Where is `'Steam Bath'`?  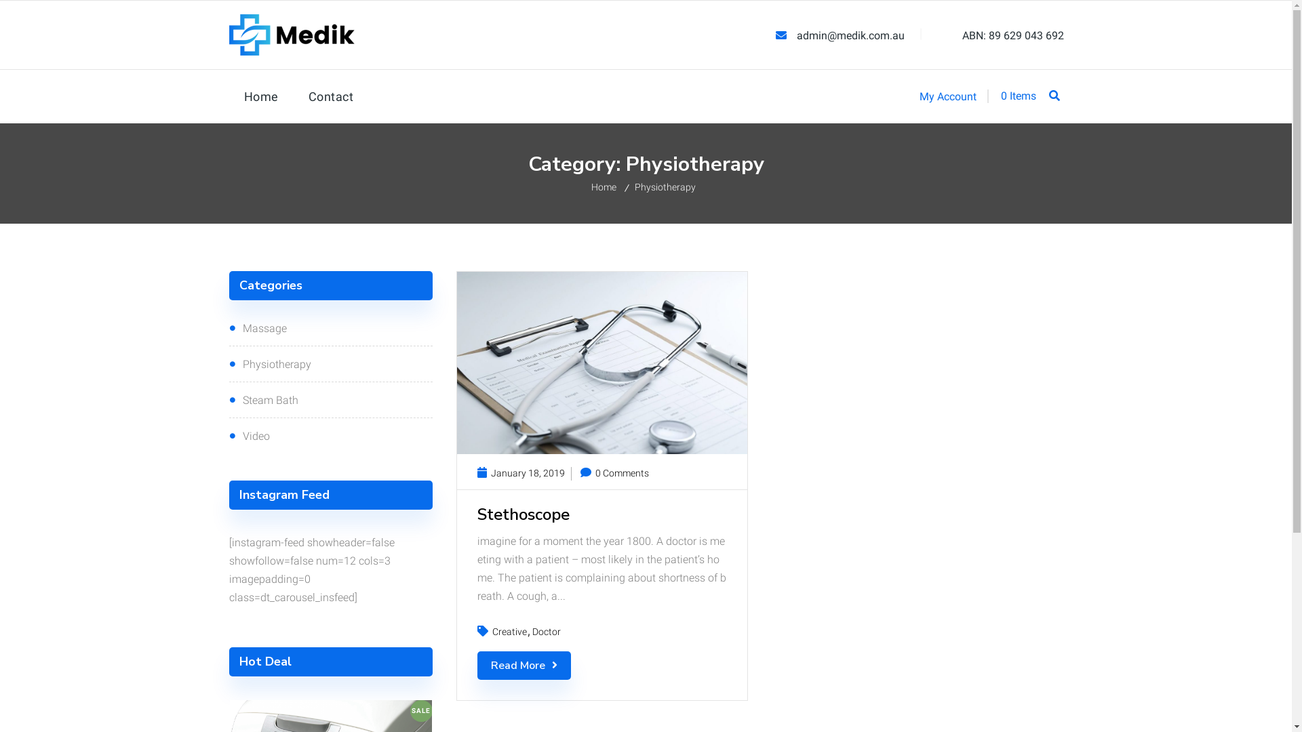
'Steam Bath' is located at coordinates (229, 399).